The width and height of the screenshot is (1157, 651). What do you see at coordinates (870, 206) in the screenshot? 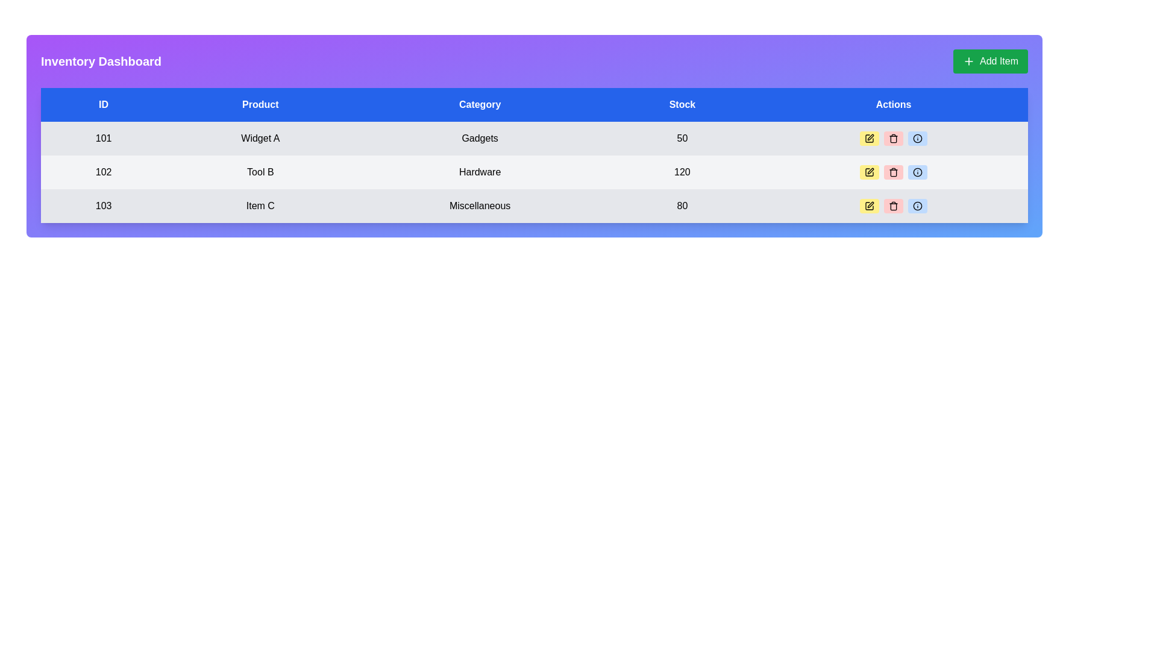
I see `the small rectangular button with a yellow background and a pen icon in the 'Actions' column of the third row in the table for 'Item C'` at bounding box center [870, 206].